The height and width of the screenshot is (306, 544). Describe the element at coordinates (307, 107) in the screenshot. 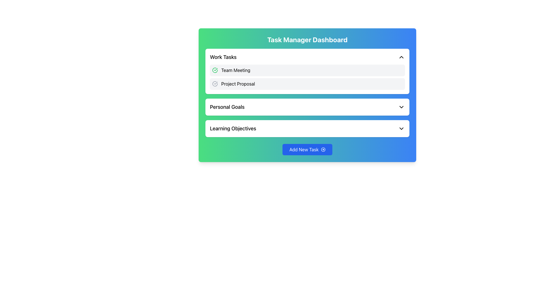

I see `the 'Personal Goals' title on the third expandable card in the 'Task Manager Dashboard'` at that location.